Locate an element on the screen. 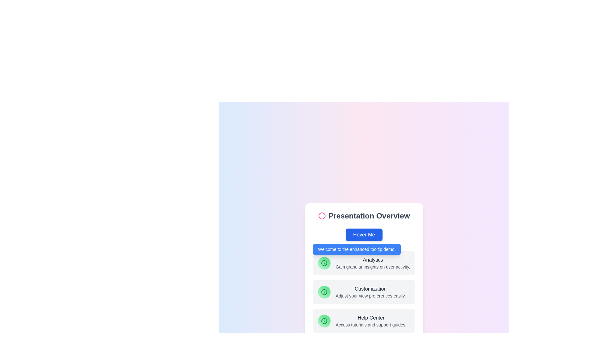 The width and height of the screenshot is (605, 340). the informational tooltip displayed beneath the 'Hover Me' button is located at coordinates (357, 249).